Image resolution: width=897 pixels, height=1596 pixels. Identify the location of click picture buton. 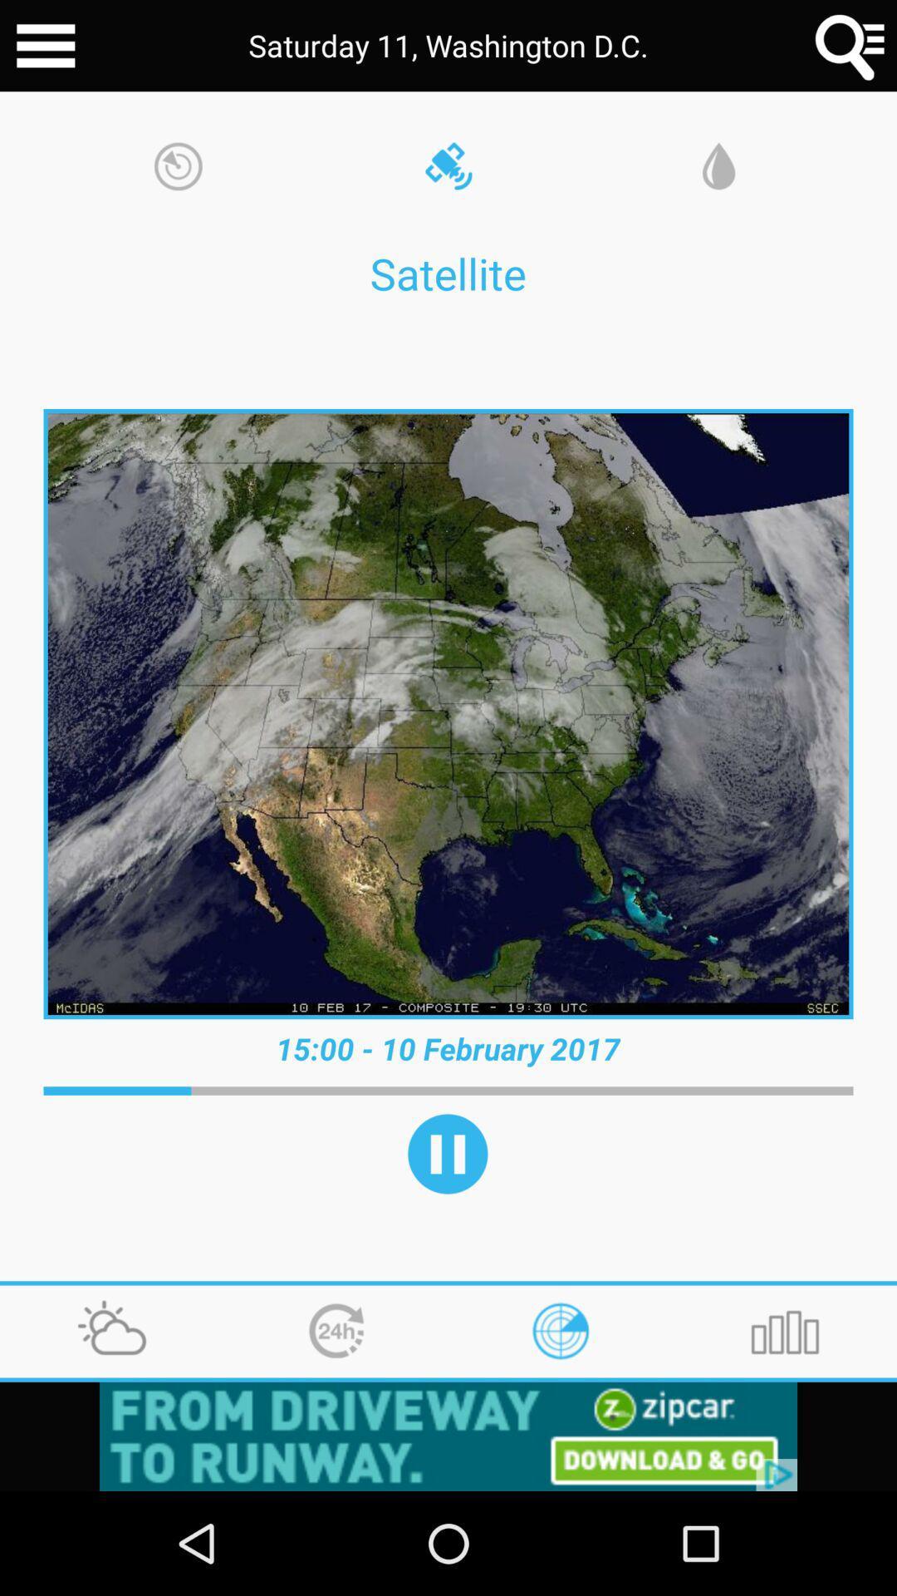
(448, 714).